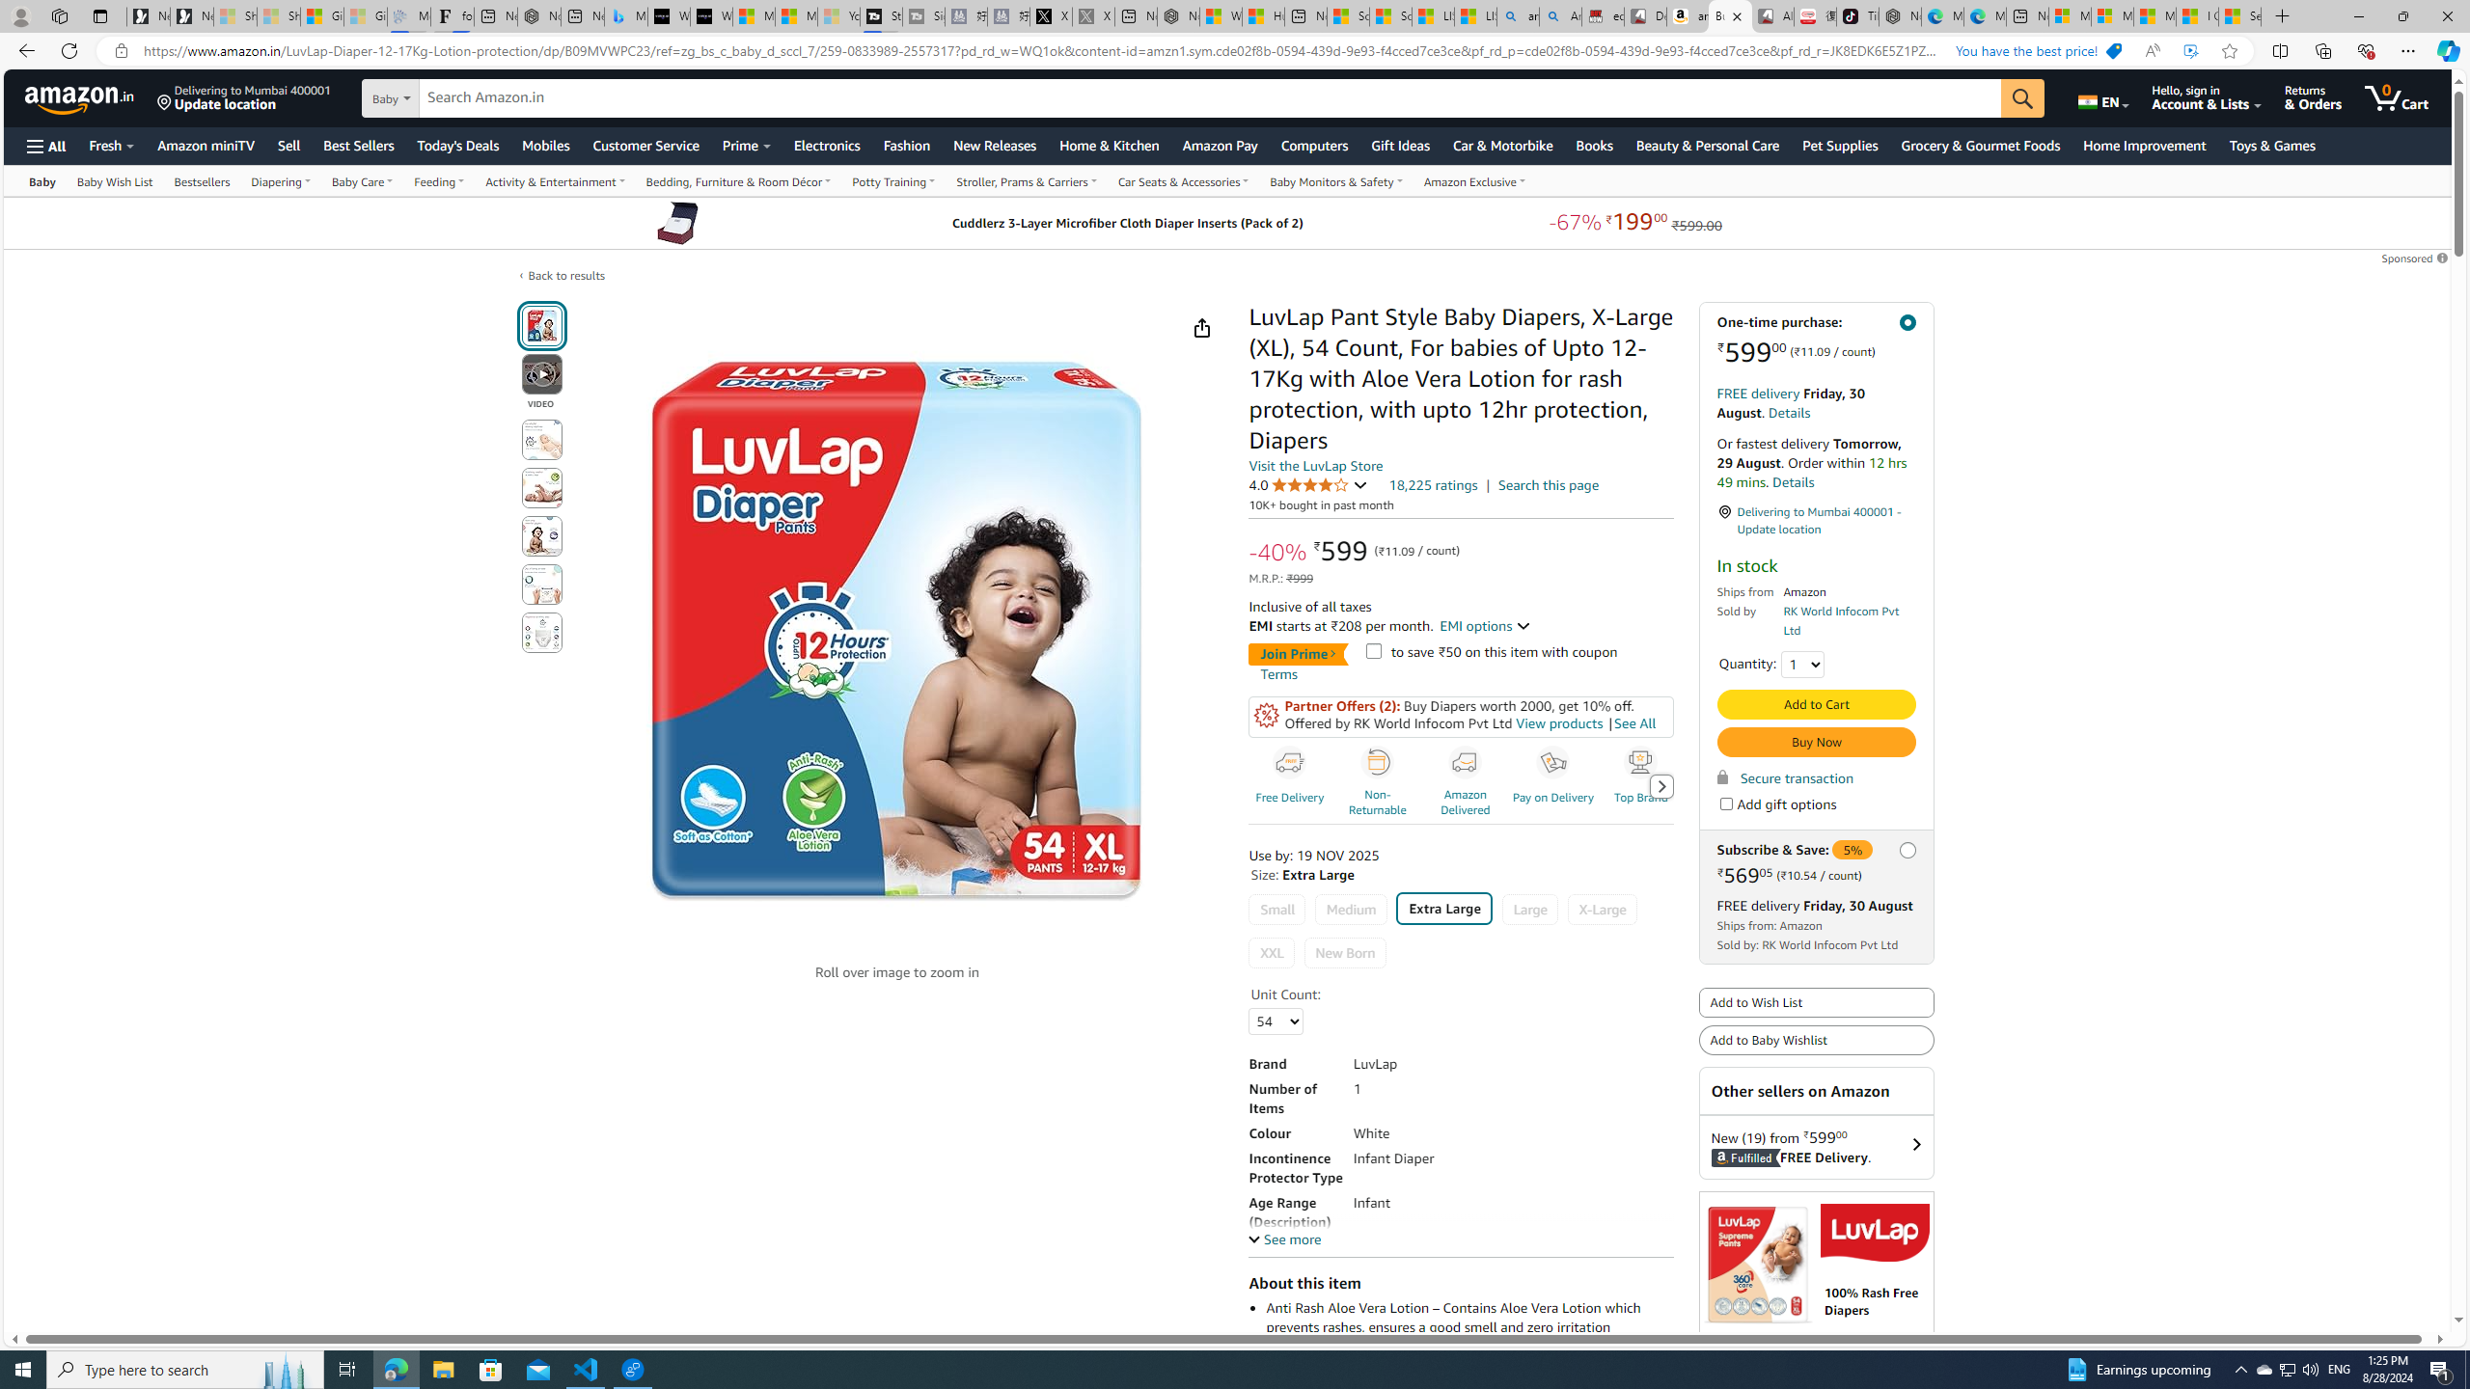 This screenshot has width=2470, height=1389. What do you see at coordinates (2021, 98) in the screenshot?
I see `'Go'` at bounding box center [2021, 98].